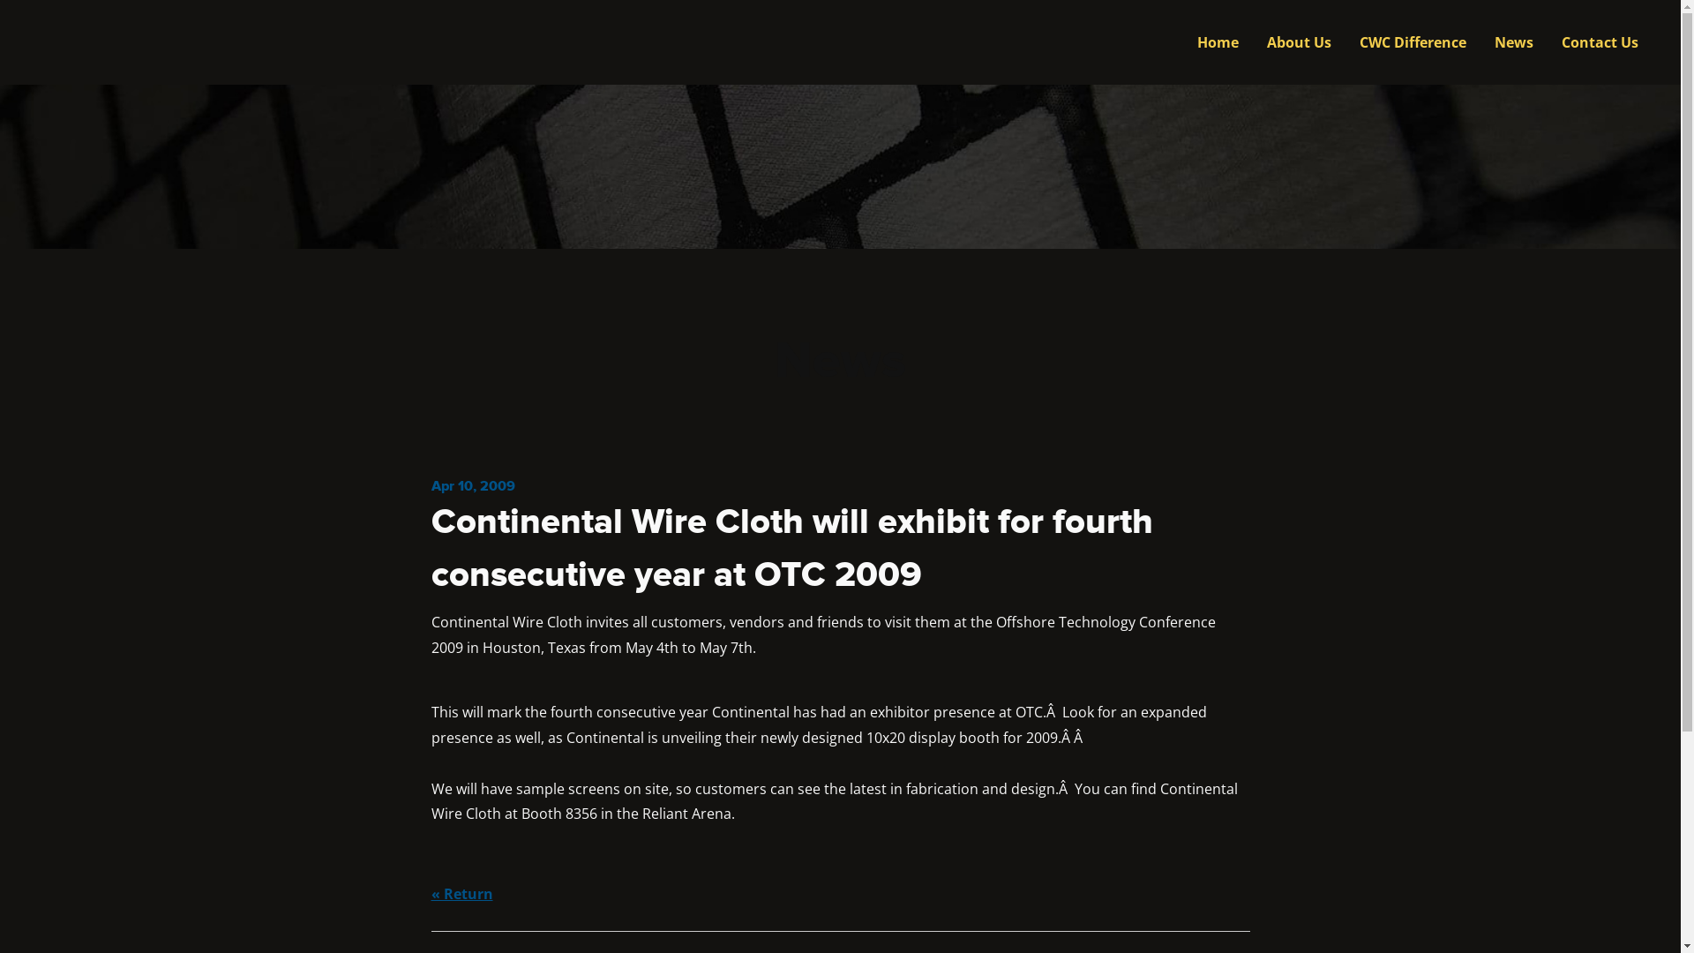 Image resolution: width=1694 pixels, height=953 pixels. I want to click on 'Home', so click(1217, 41).